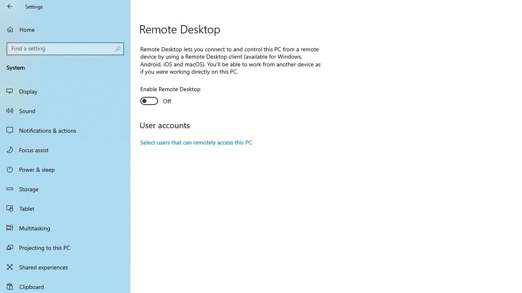 The image size is (522, 293). What do you see at coordinates (65, 48) in the screenshot?
I see `'Search box, Find a setting'` at bounding box center [65, 48].